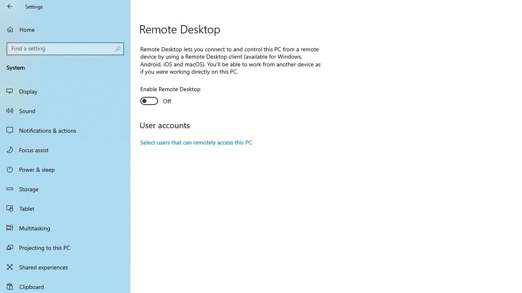 The image size is (522, 293). What do you see at coordinates (65, 48) in the screenshot?
I see `'Search box, Find a setting'` at bounding box center [65, 48].